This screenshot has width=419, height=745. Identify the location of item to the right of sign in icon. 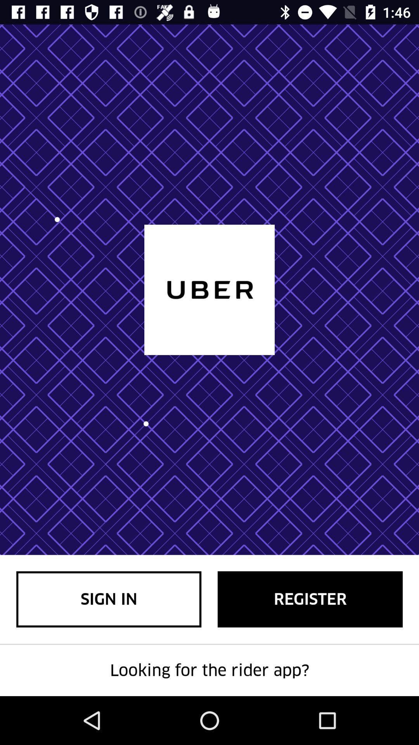
(310, 599).